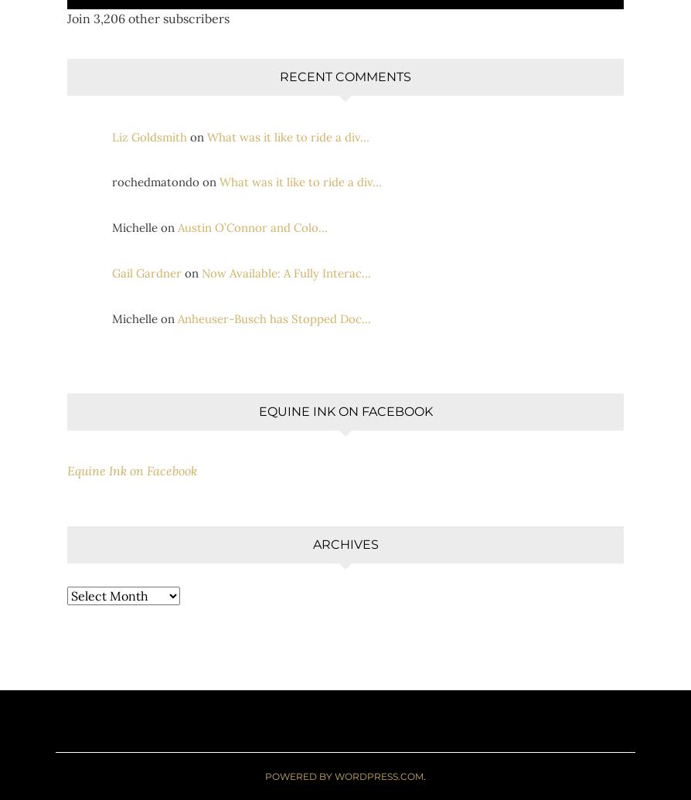  Describe the element at coordinates (344, 543) in the screenshot. I see `'Archives'` at that location.